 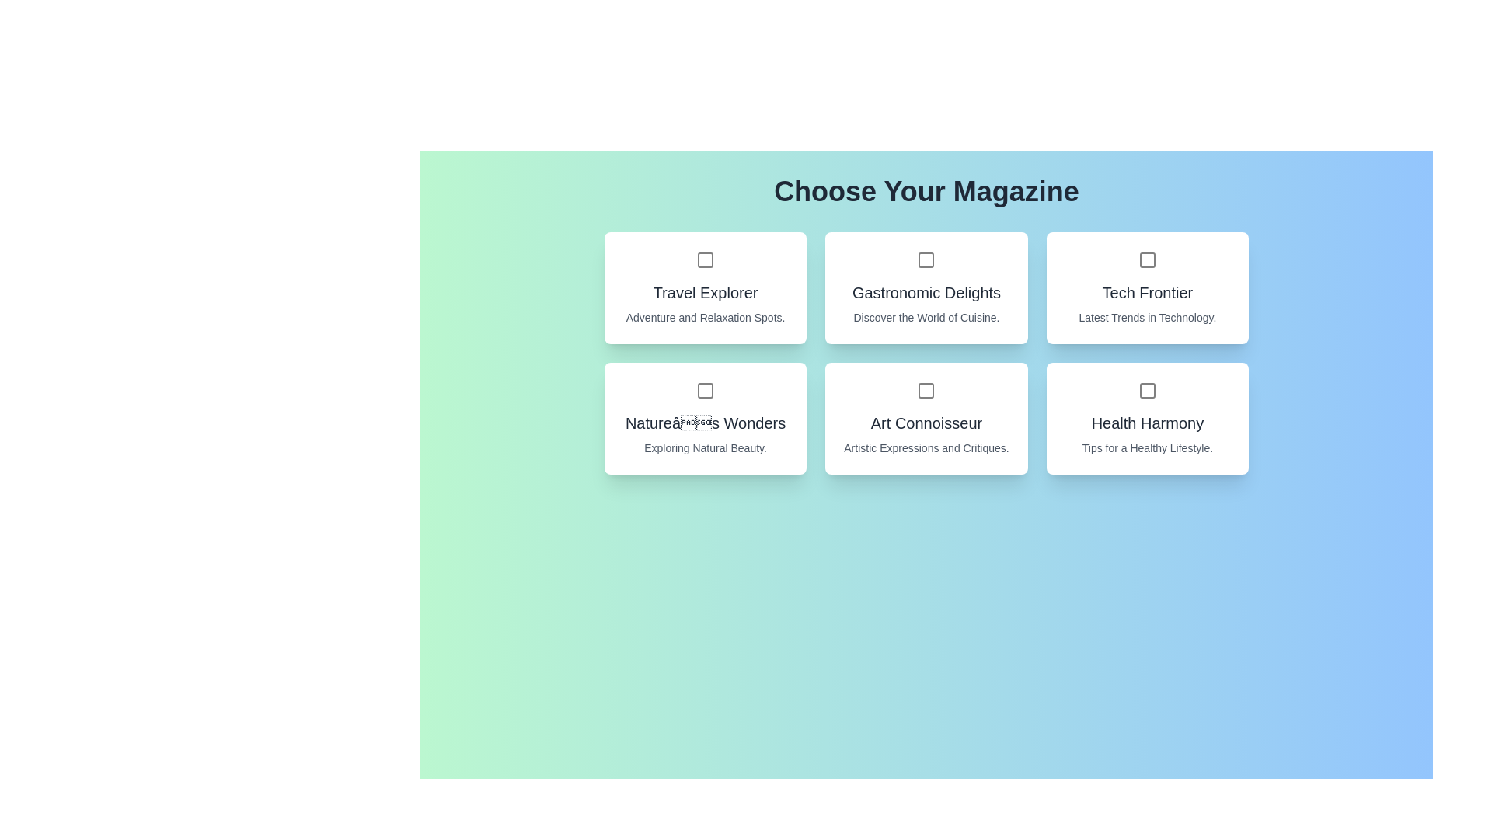 What do you see at coordinates (926, 418) in the screenshot?
I see `the magazine card titled 'Art Connoisseur' to observe its hover effect` at bounding box center [926, 418].